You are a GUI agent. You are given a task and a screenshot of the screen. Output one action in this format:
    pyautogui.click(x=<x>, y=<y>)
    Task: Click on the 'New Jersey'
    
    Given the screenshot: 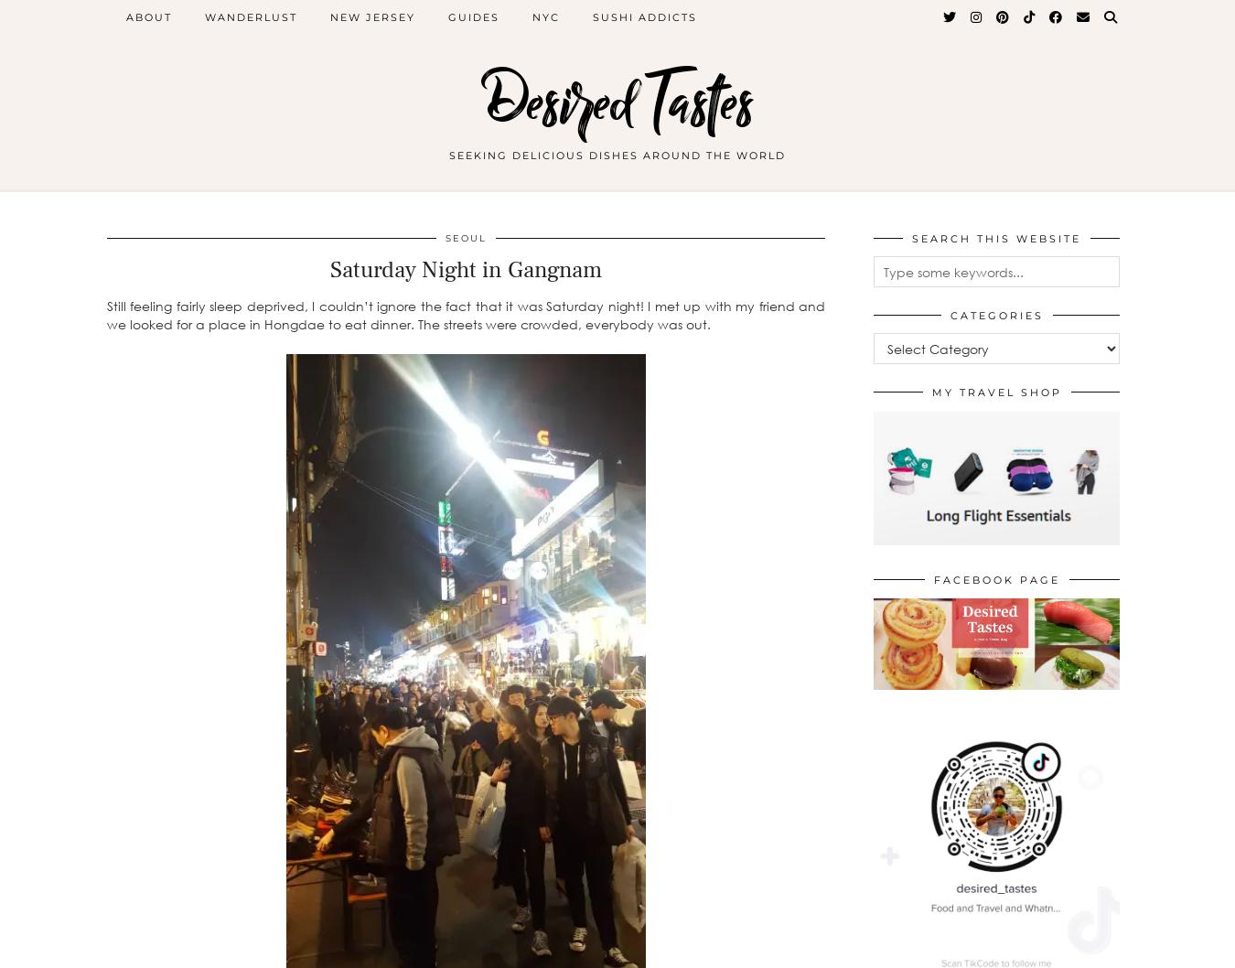 What is the action you would take?
    pyautogui.click(x=329, y=17)
    